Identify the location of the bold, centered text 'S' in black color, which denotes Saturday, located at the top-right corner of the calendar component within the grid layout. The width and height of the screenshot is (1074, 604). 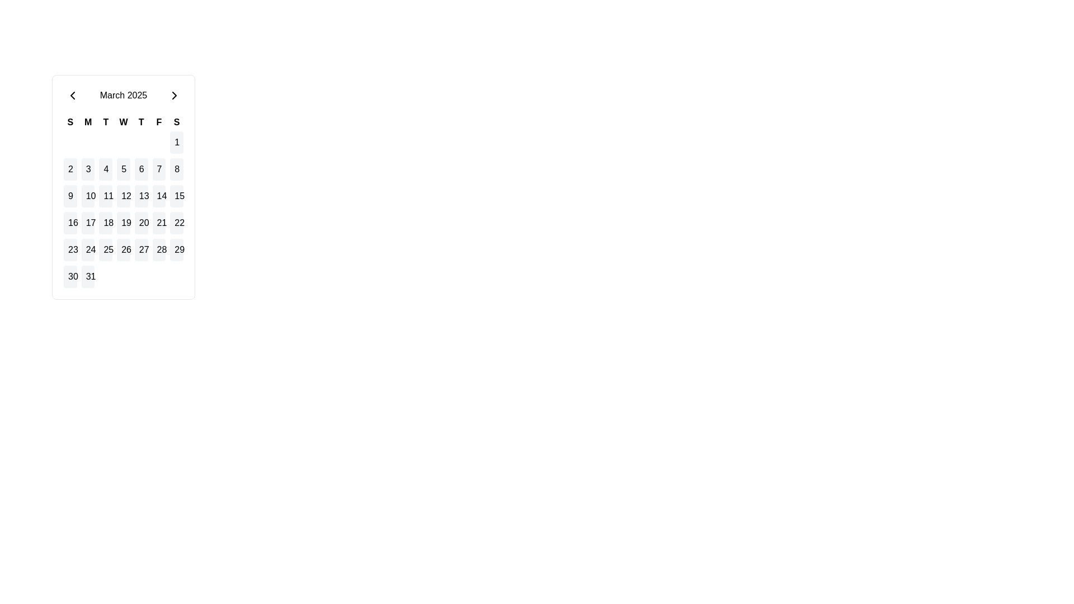
(176, 122).